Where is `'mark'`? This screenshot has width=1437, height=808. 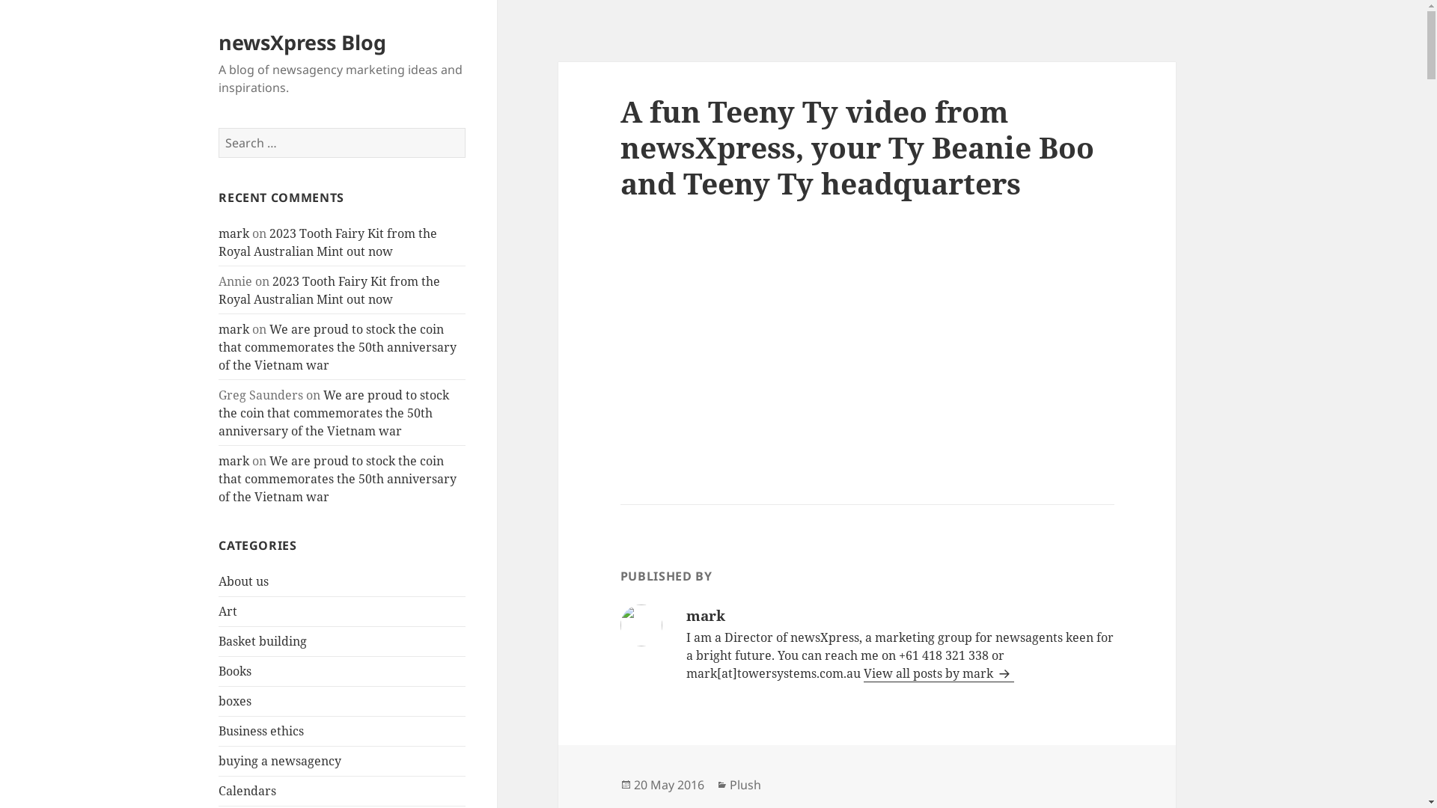
'mark' is located at coordinates (233, 460).